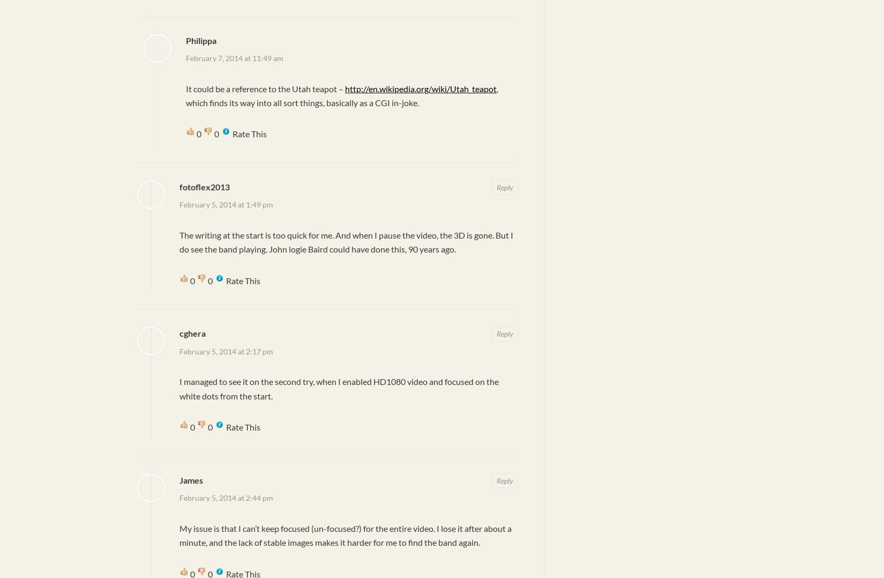 Image resolution: width=884 pixels, height=578 pixels. I want to click on ', which finds its way into all sort things, basically as a CGI in-joke.', so click(341, 94).